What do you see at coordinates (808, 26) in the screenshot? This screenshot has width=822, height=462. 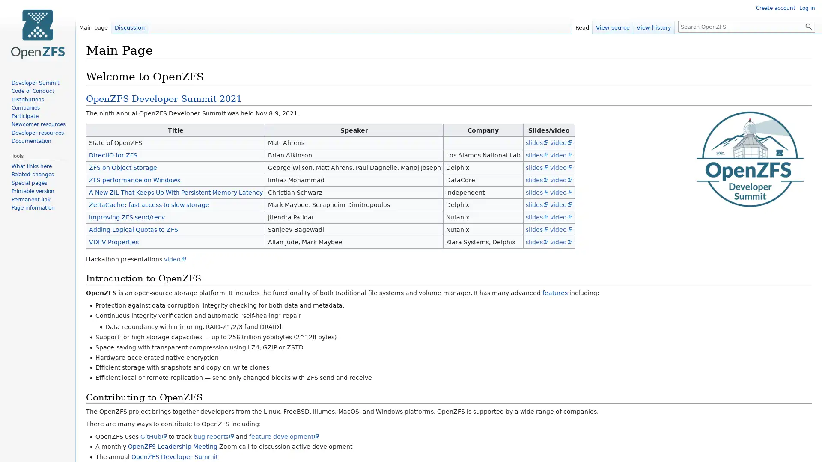 I see `Search` at bounding box center [808, 26].